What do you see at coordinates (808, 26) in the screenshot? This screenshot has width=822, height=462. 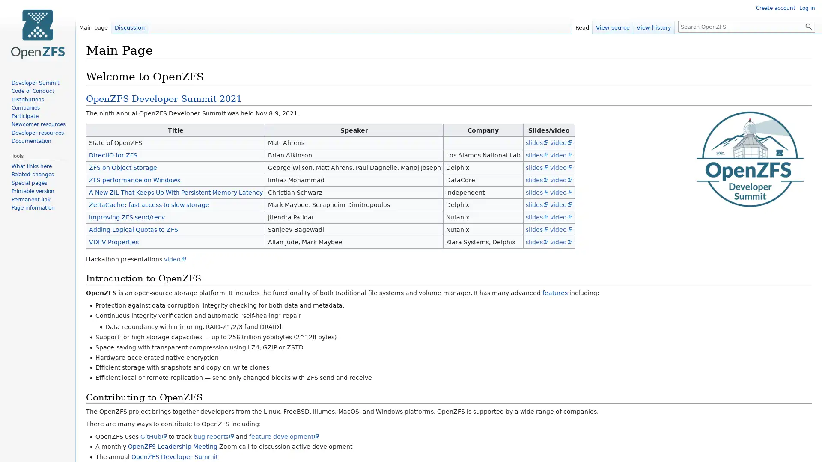 I see `Search` at bounding box center [808, 26].